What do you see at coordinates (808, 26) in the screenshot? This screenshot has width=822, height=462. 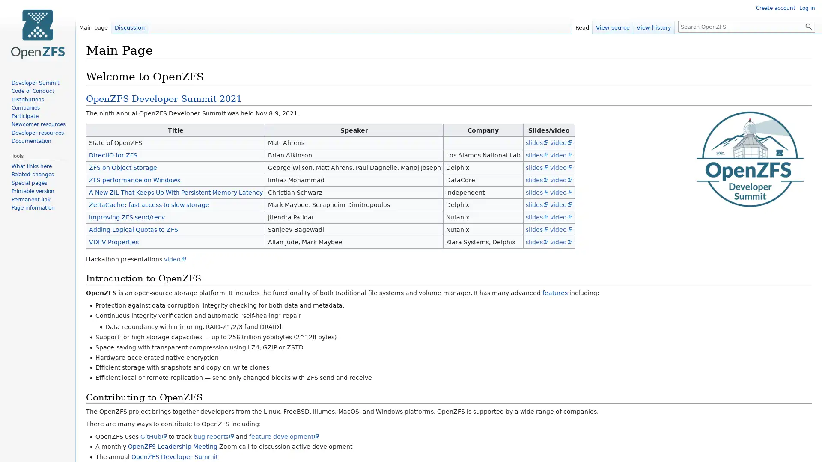 I see `Search` at bounding box center [808, 26].